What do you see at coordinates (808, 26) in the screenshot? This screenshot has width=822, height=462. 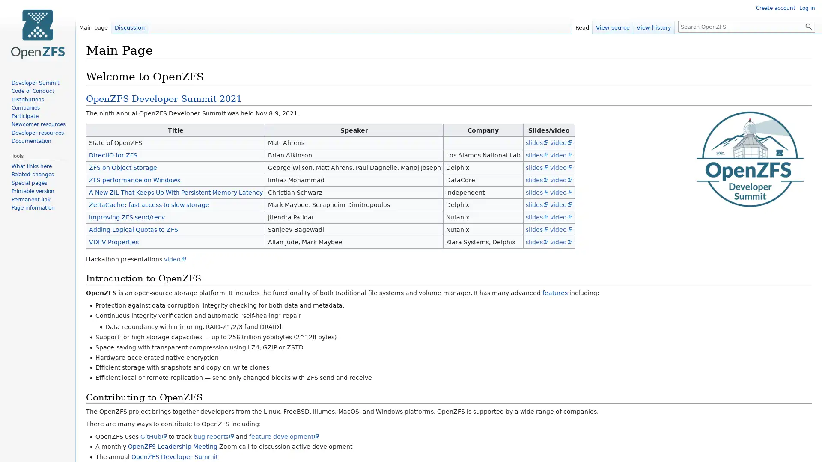 I see `Search` at bounding box center [808, 26].